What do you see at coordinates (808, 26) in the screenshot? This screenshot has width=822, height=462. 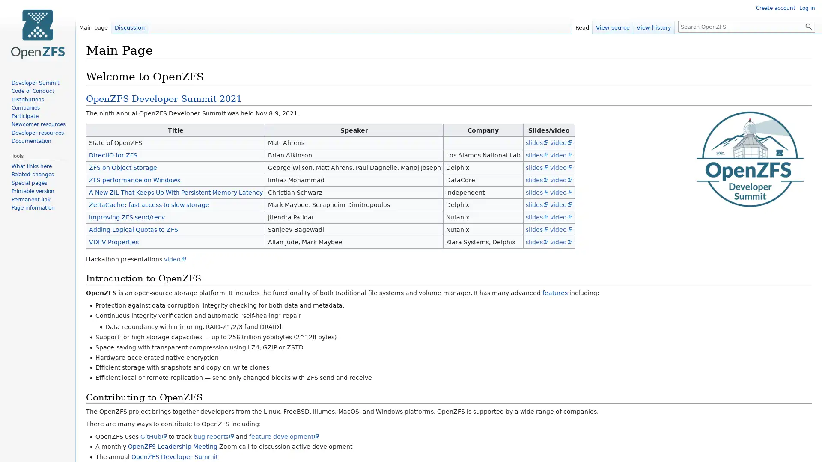 I see `Search` at bounding box center [808, 26].